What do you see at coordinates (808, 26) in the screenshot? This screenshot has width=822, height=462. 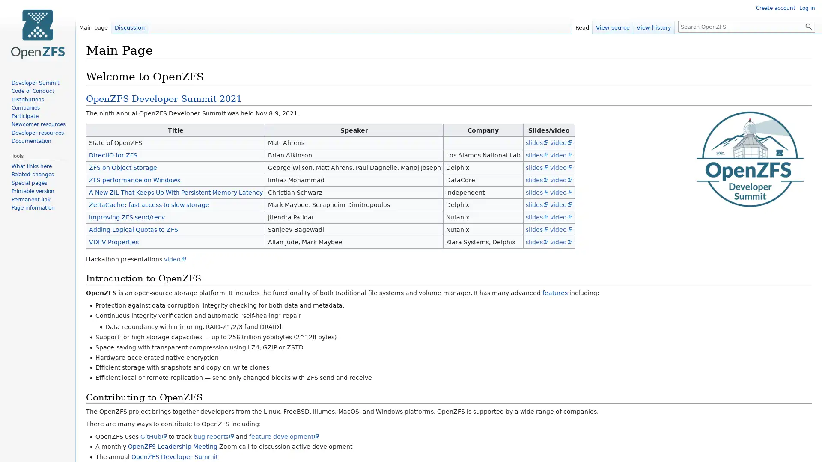 I see `Search` at bounding box center [808, 26].